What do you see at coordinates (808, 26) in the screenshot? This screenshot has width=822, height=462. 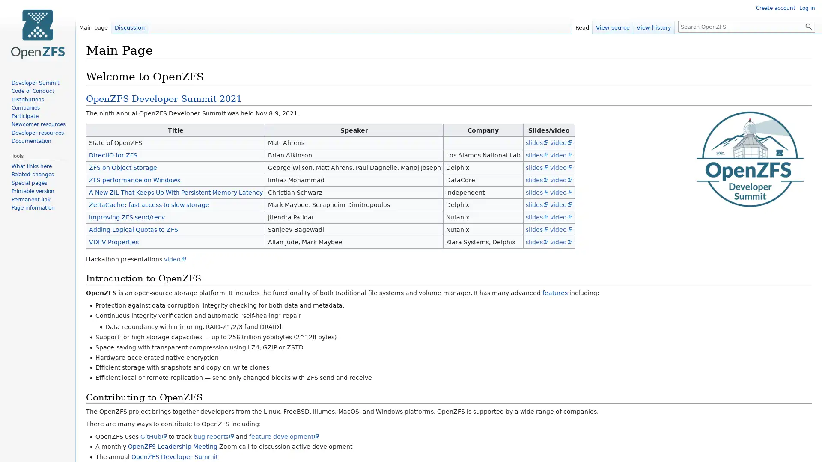 I see `Search` at bounding box center [808, 26].